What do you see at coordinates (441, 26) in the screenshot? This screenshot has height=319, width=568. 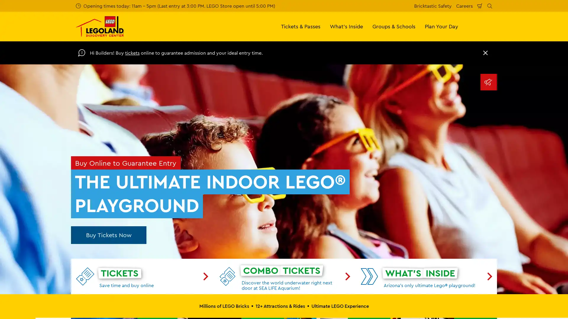 I see `Plan Your Day` at bounding box center [441, 26].